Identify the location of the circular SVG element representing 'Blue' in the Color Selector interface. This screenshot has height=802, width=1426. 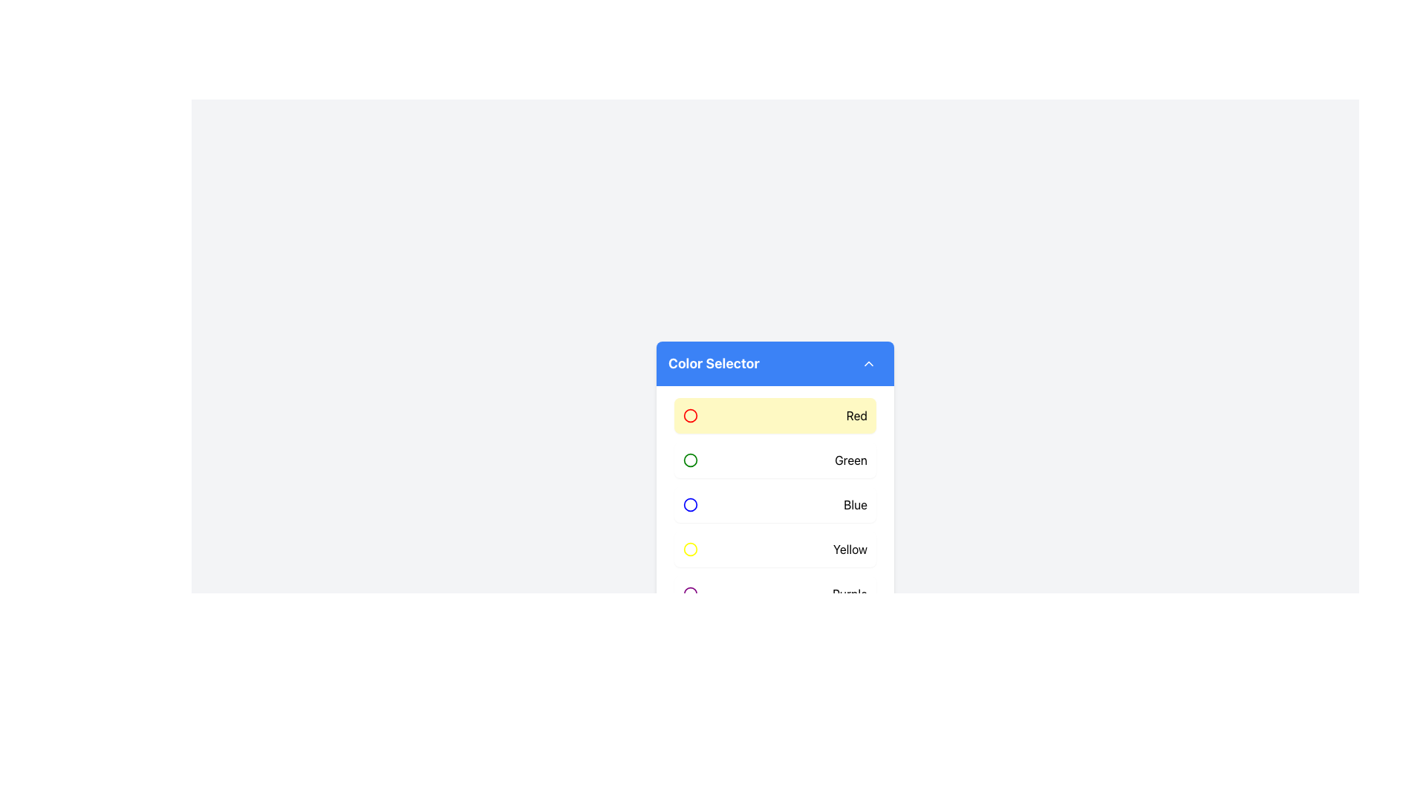
(690, 503).